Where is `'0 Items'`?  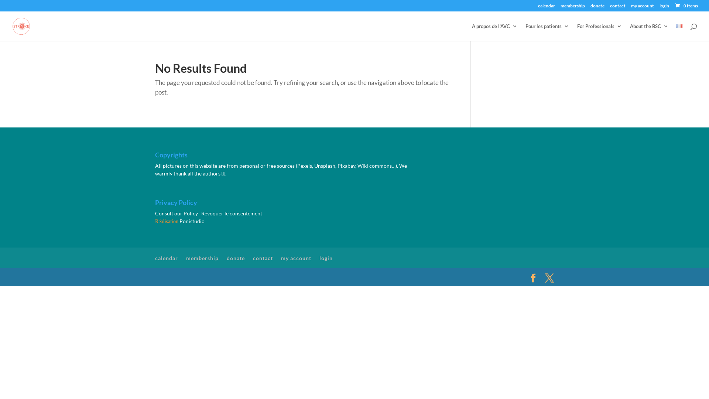 '0 Items' is located at coordinates (675, 6).